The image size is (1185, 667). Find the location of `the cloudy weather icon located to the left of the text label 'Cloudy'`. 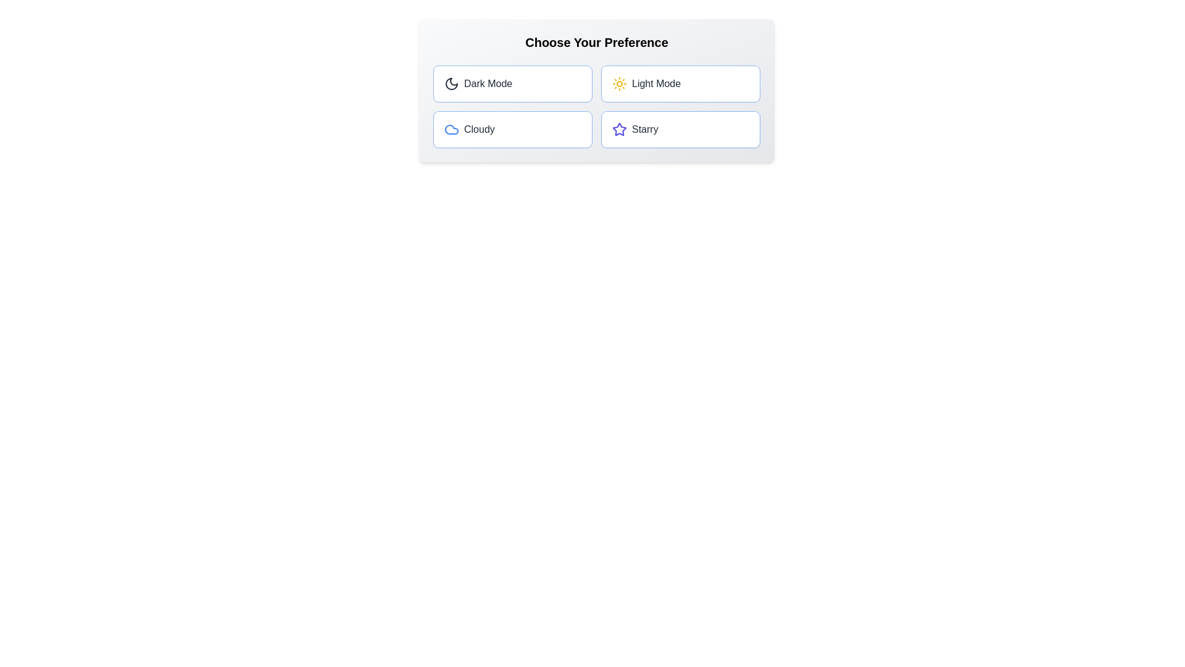

the cloudy weather icon located to the left of the text label 'Cloudy' is located at coordinates (451, 129).